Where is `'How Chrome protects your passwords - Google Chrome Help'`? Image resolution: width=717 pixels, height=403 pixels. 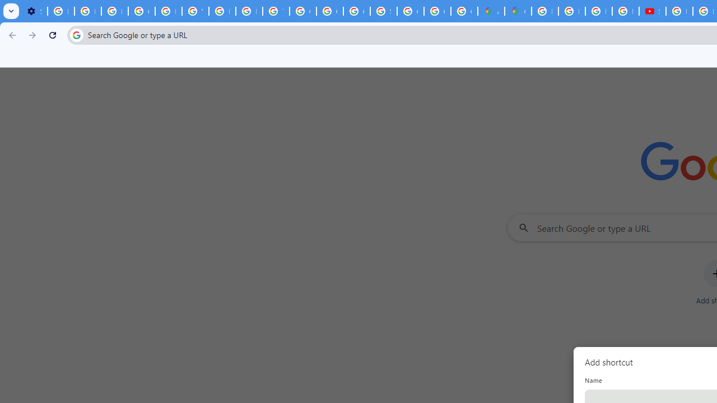 'How Chrome protects your passwords - Google Chrome Help' is located at coordinates (678, 11).